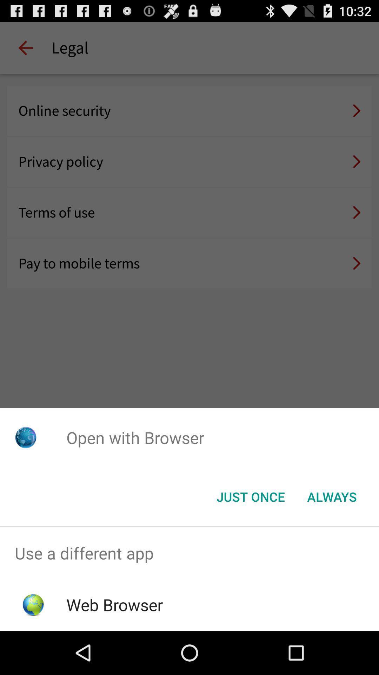 The width and height of the screenshot is (379, 675). Describe the element at coordinates (114, 604) in the screenshot. I see `web browser icon` at that location.